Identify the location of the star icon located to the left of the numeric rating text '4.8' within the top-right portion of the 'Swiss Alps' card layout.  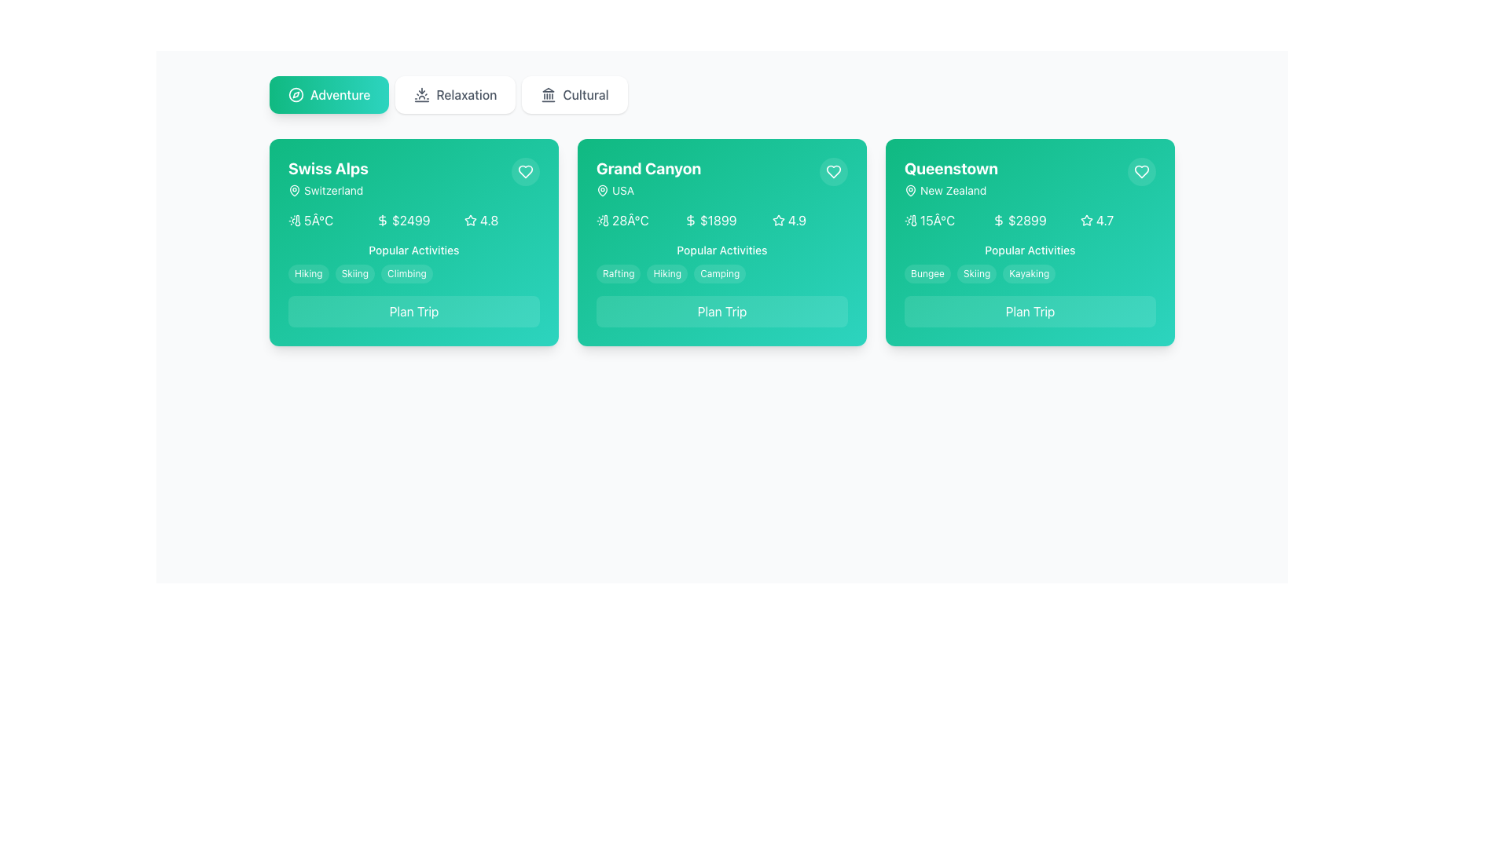
(470, 221).